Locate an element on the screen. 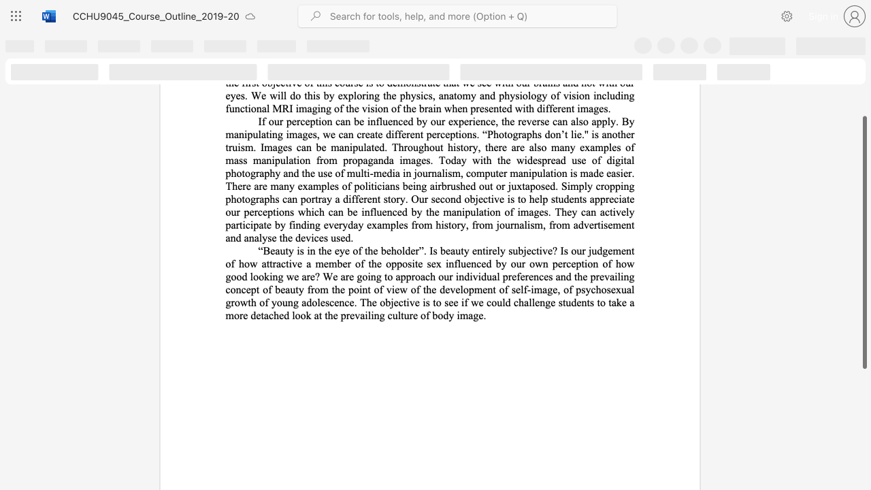  the scrollbar and move down 30 pixels is located at coordinates (864, 242).